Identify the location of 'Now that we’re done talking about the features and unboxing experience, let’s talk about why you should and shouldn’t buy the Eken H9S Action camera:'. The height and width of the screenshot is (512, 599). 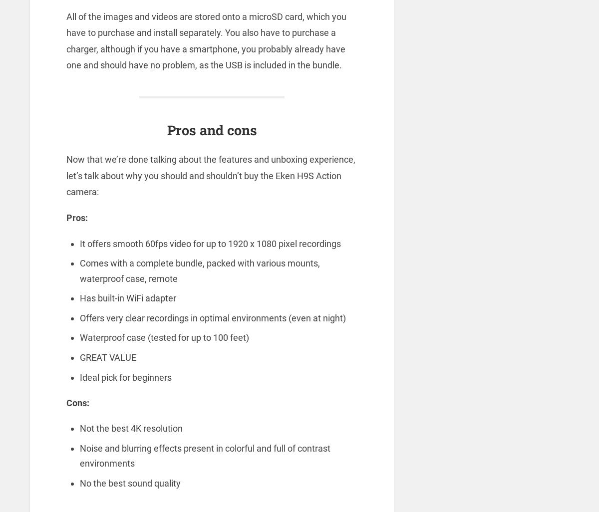
(210, 176).